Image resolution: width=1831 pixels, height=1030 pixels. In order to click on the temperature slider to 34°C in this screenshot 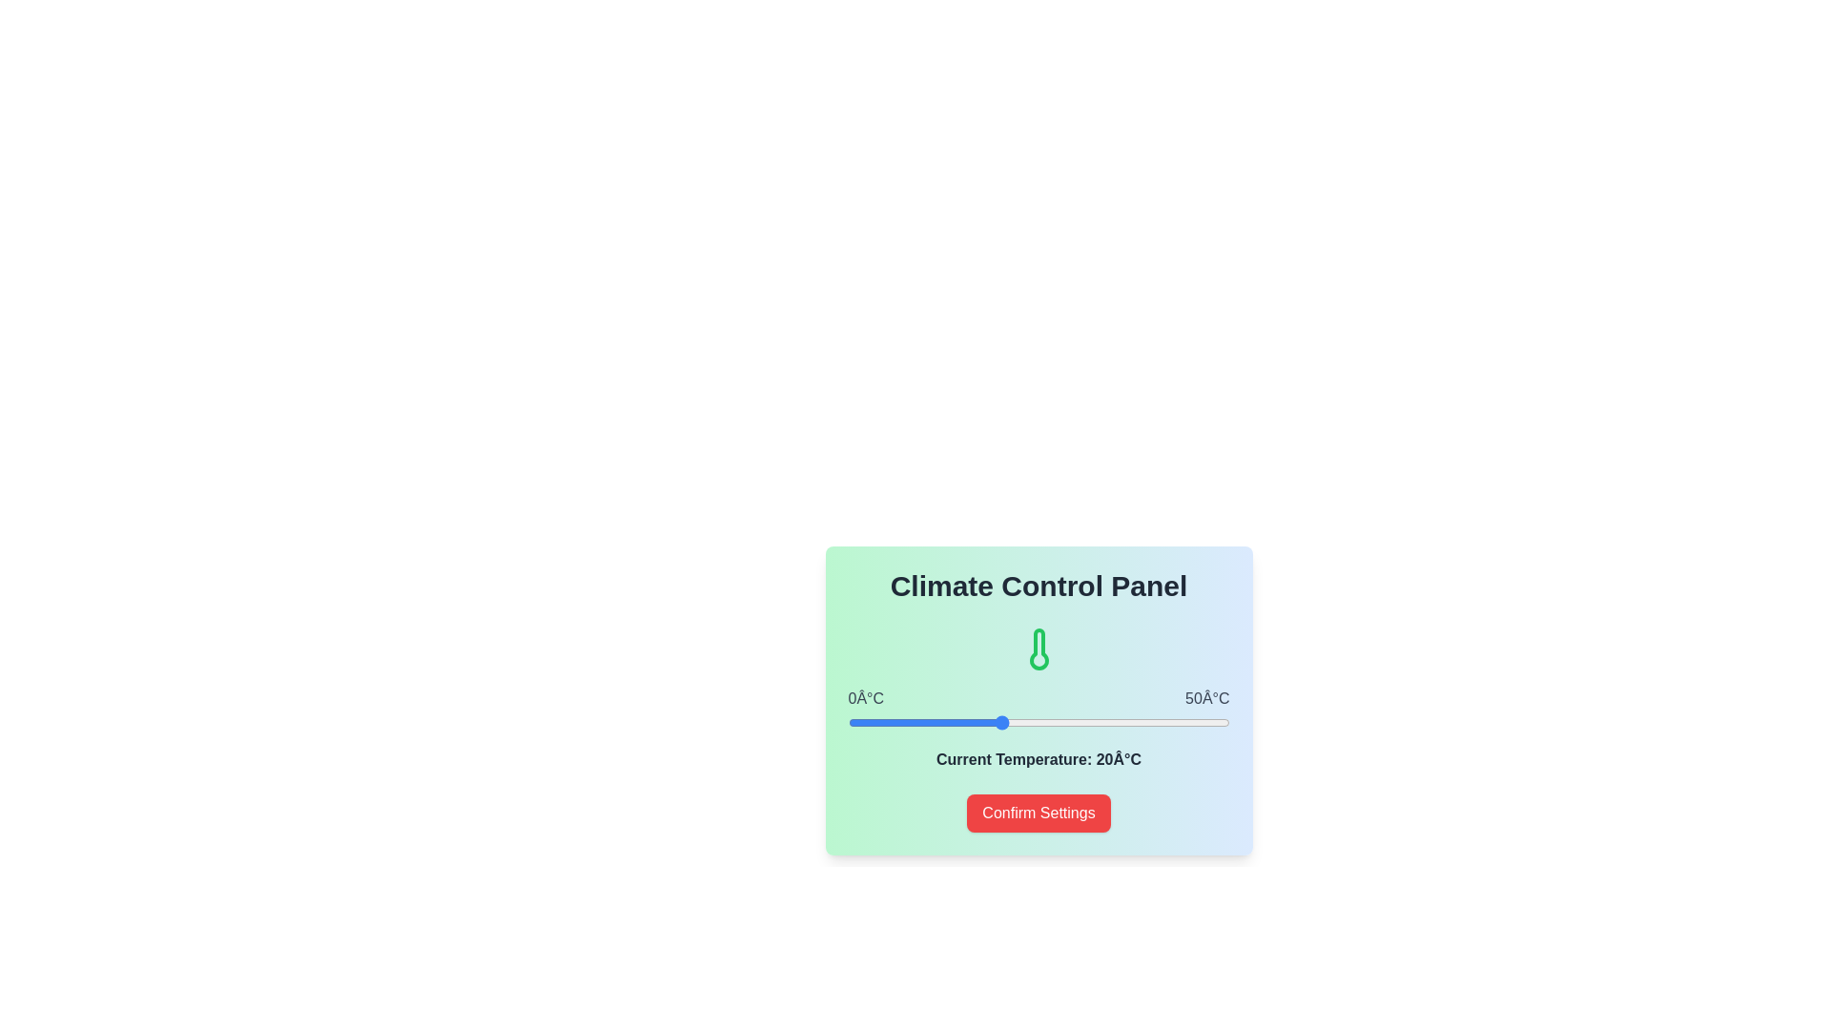, I will do `click(1107, 723)`.